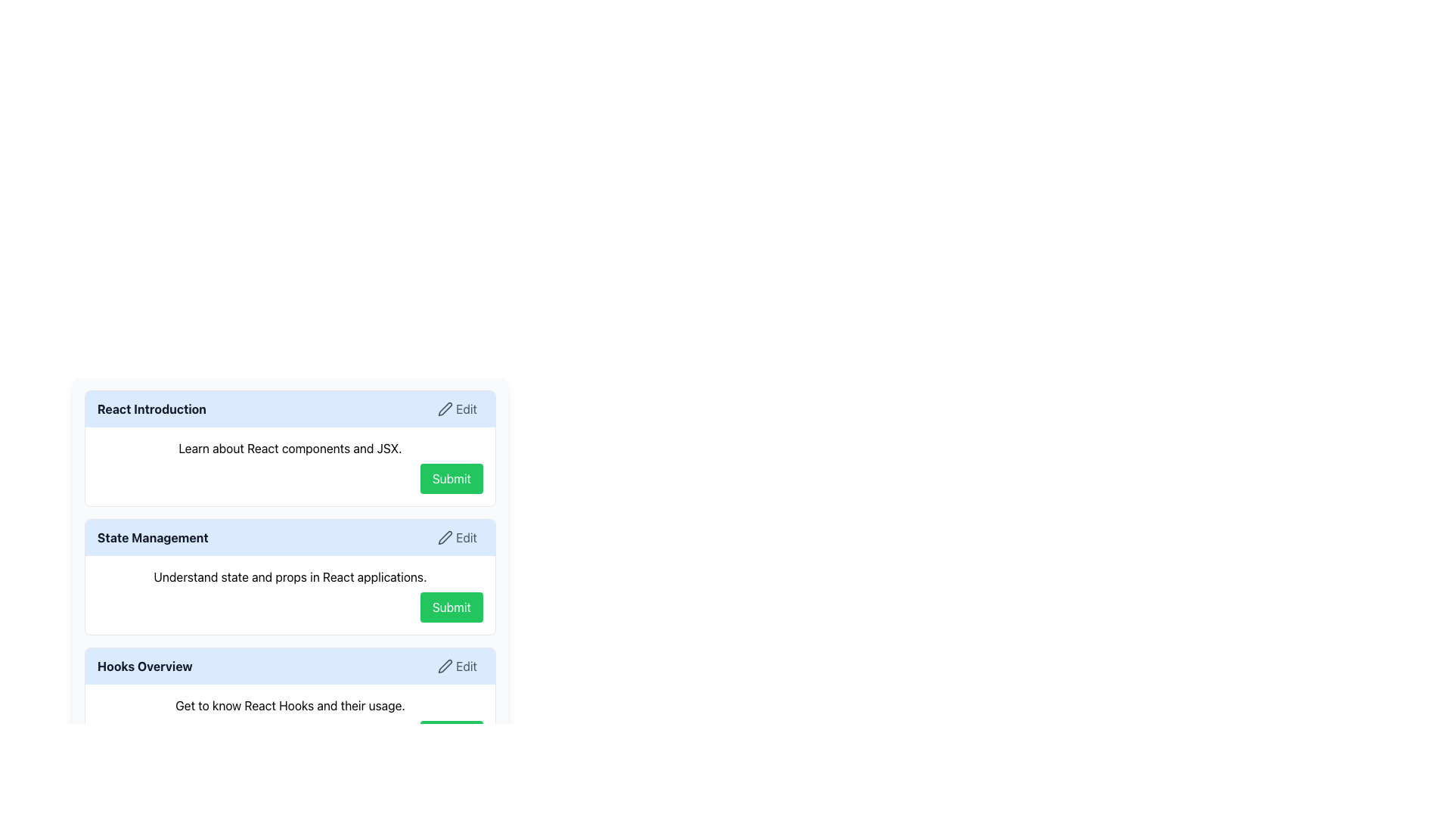  Describe the element at coordinates (290, 577) in the screenshot. I see `the static text element providing descriptive information about 'State Management' for React applications, located above the 'Submit' button` at that location.